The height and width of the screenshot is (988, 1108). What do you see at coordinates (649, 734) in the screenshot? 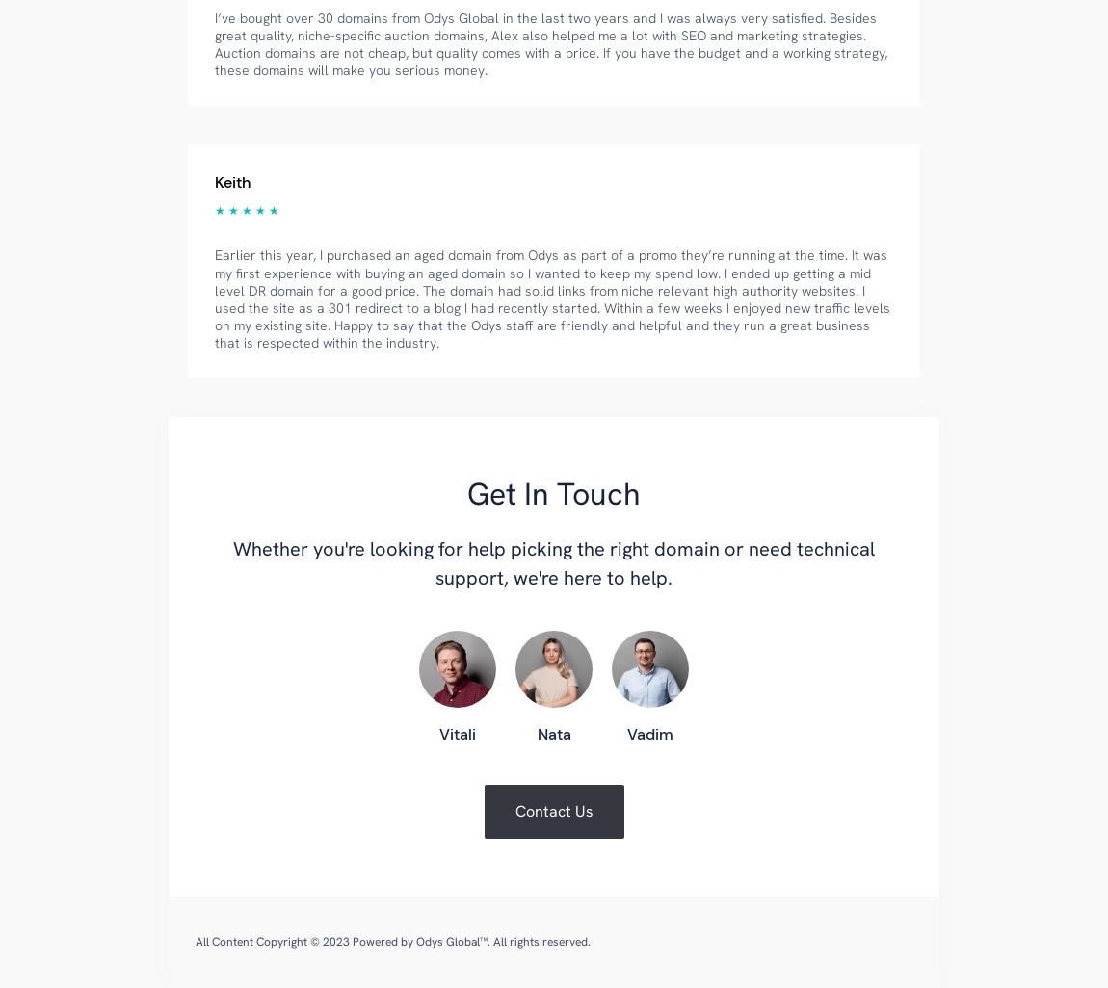
I see `'Vadim'` at bounding box center [649, 734].